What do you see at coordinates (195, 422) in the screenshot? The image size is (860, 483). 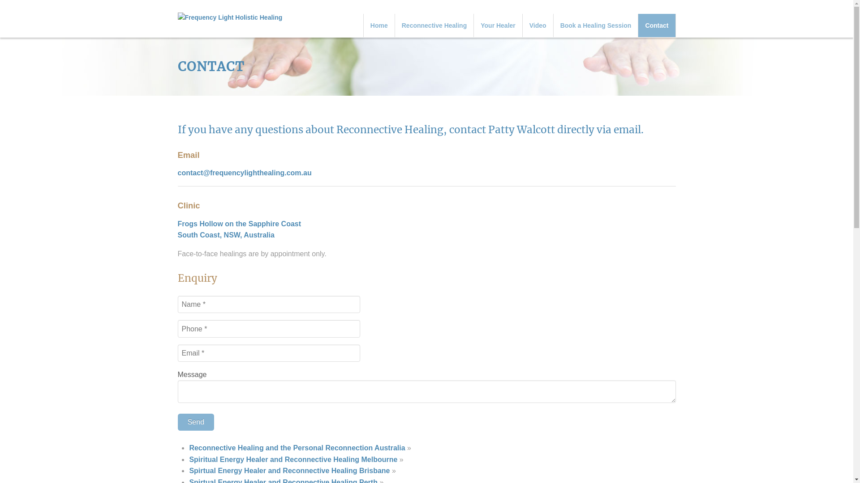 I see `'Send'` at bounding box center [195, 422].